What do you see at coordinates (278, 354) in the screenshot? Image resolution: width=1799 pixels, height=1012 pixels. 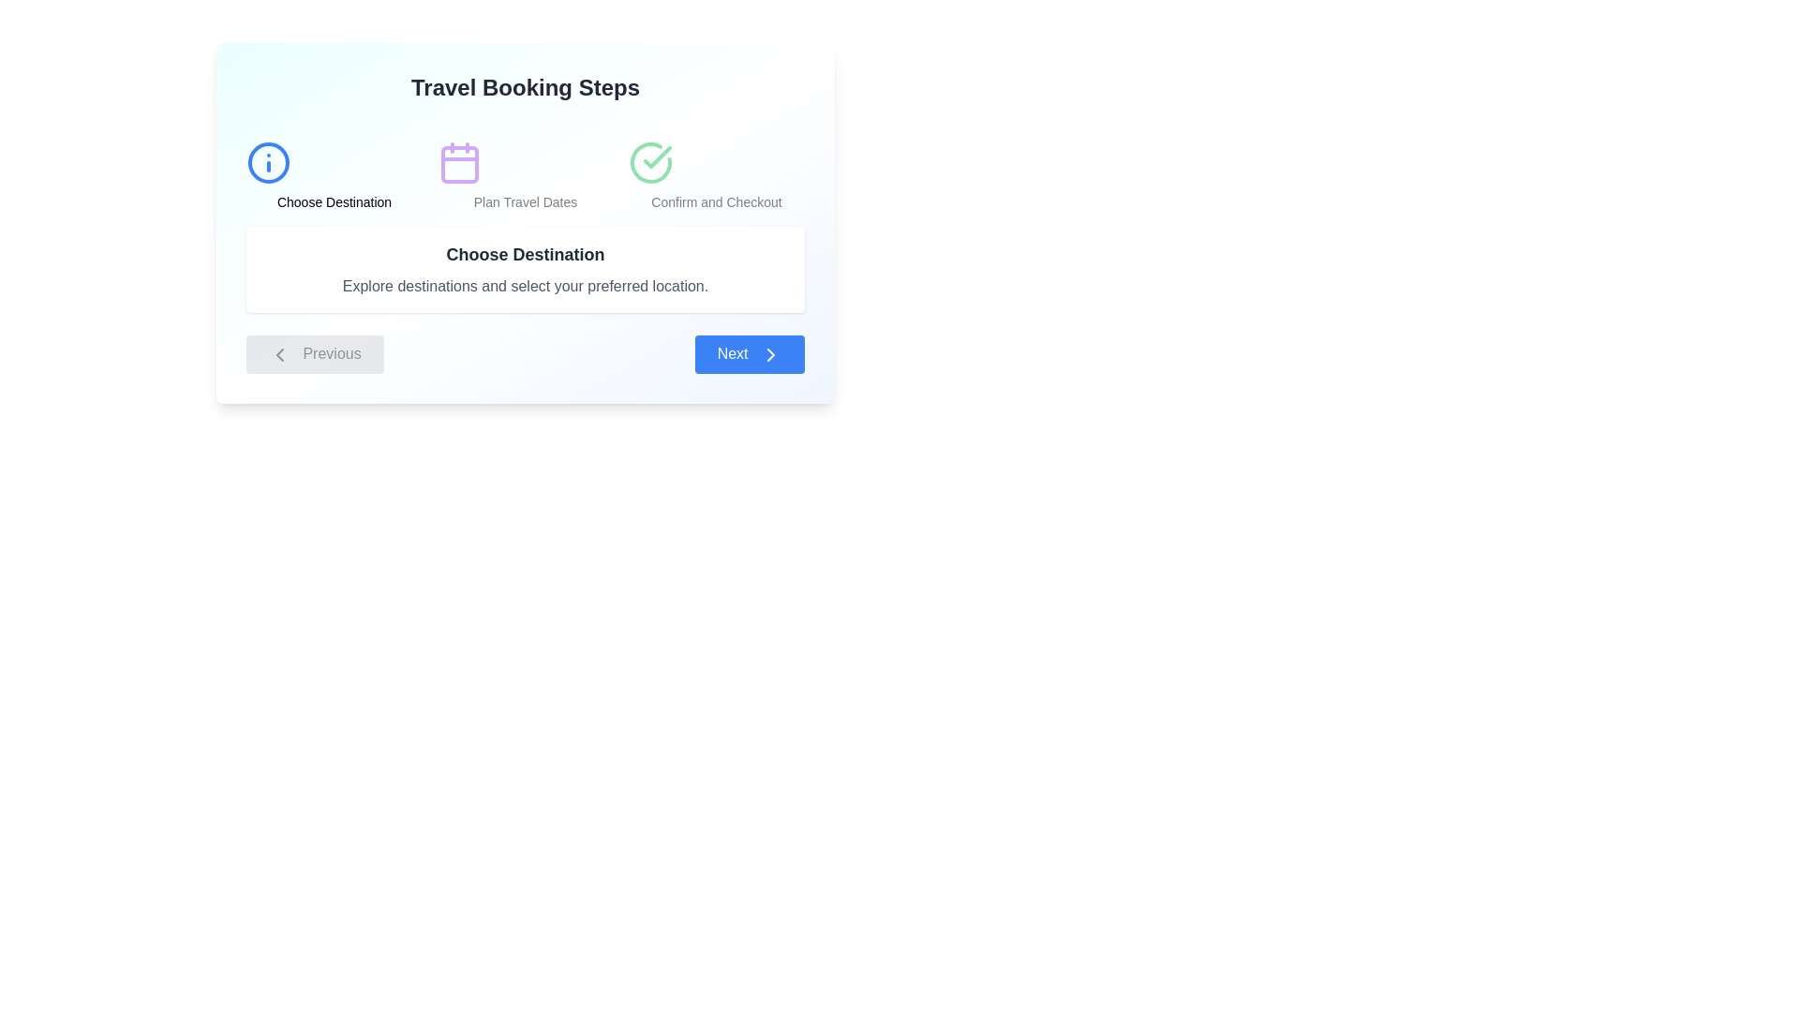 I see `the previous button located at the bottom-left of the interface by clicking on its center to activate navigation` at bounding box center [278, 354].